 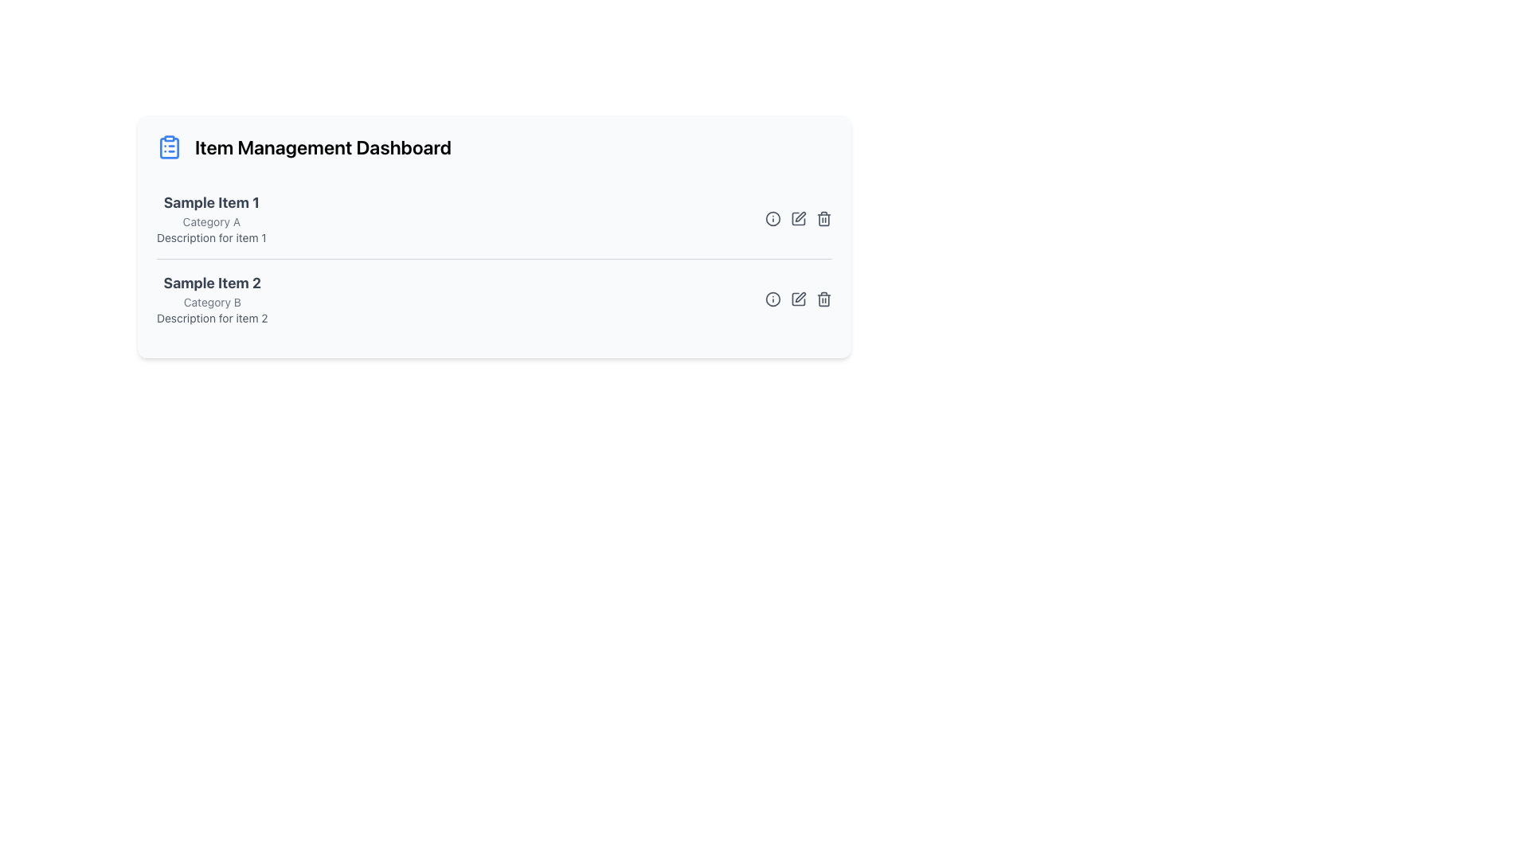 I want to click on the edit button icon located to the right of 'Sample Item 1' to change its color, so click(x=799, y=218).